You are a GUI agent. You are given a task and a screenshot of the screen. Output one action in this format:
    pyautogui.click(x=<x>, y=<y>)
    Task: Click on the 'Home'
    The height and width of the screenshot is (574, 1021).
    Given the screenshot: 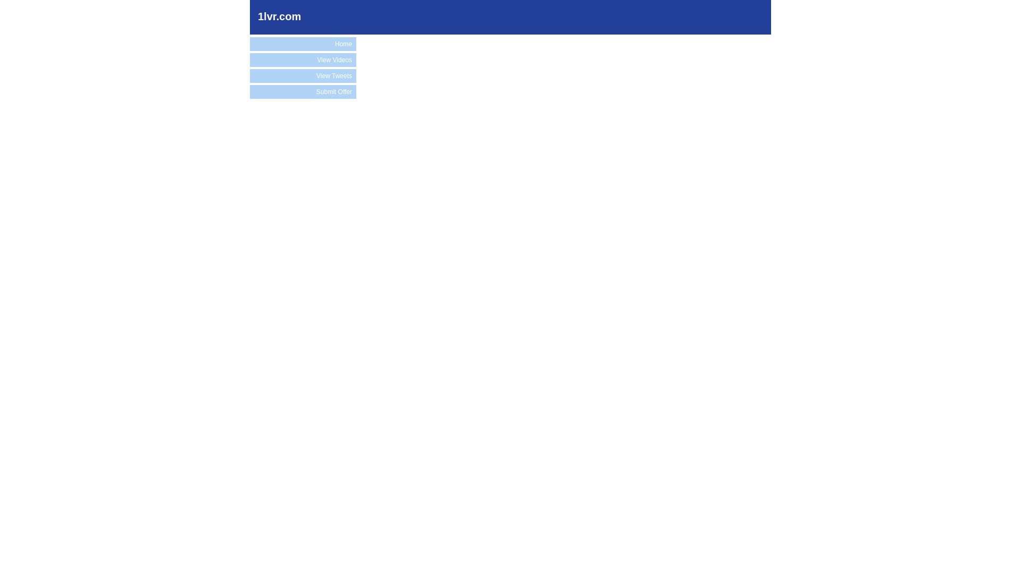 What is the action you would take?
    pyautogui.click(x=303, y=44)
    